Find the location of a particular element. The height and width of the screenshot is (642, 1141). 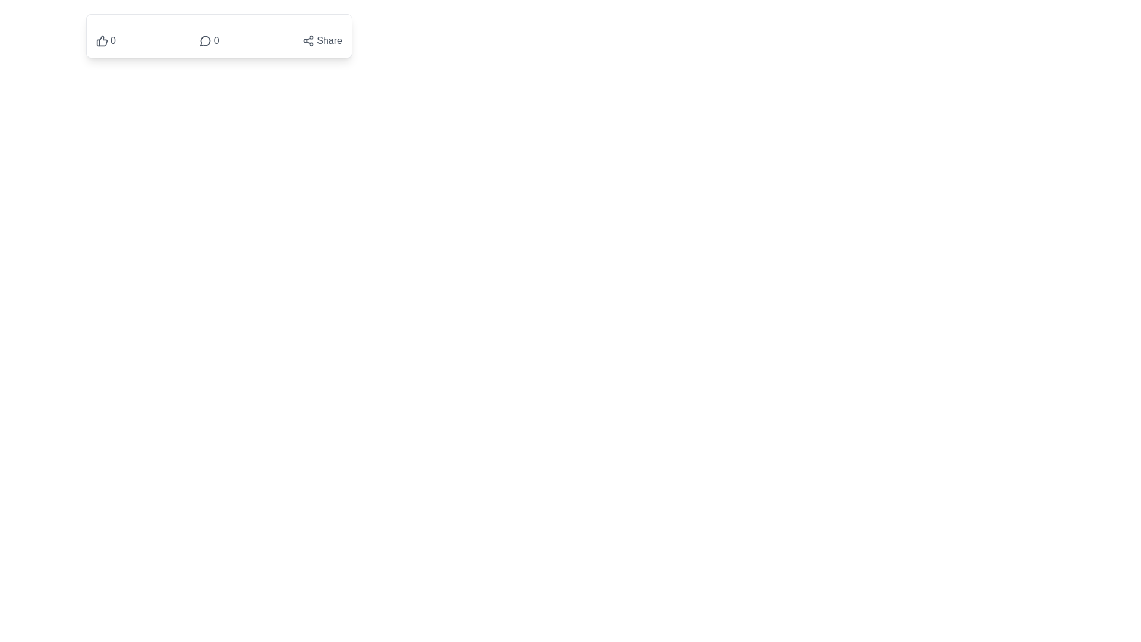

the Interactive Button featuring a comment bubble icon and the number '0' is located at coordinates (209, 40).